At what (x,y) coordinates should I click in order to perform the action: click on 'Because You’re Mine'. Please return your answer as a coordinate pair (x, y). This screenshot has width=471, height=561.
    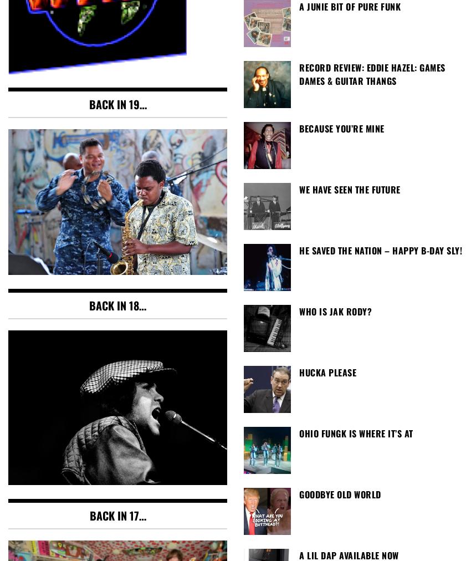
    Looking at the image, I should click on (341, 128).